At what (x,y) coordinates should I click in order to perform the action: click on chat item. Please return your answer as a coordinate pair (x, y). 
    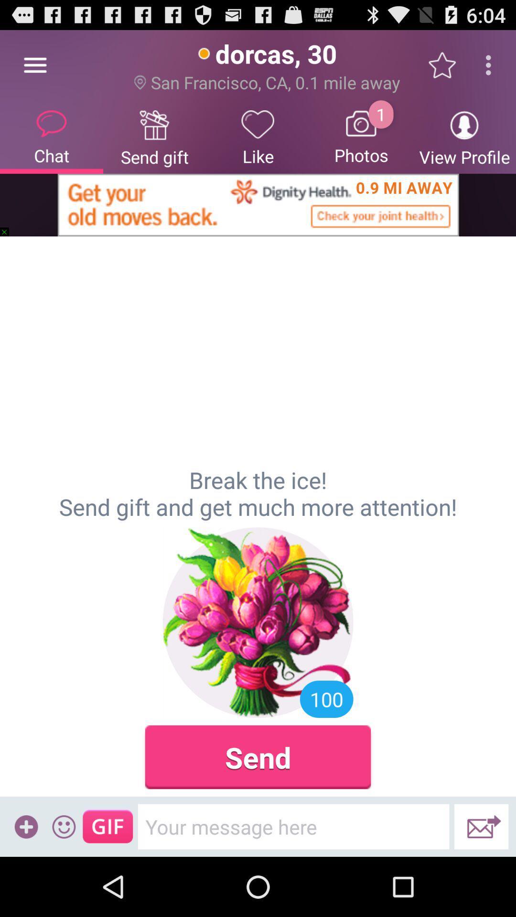
    Looking at the image, I should click on (52, 136).